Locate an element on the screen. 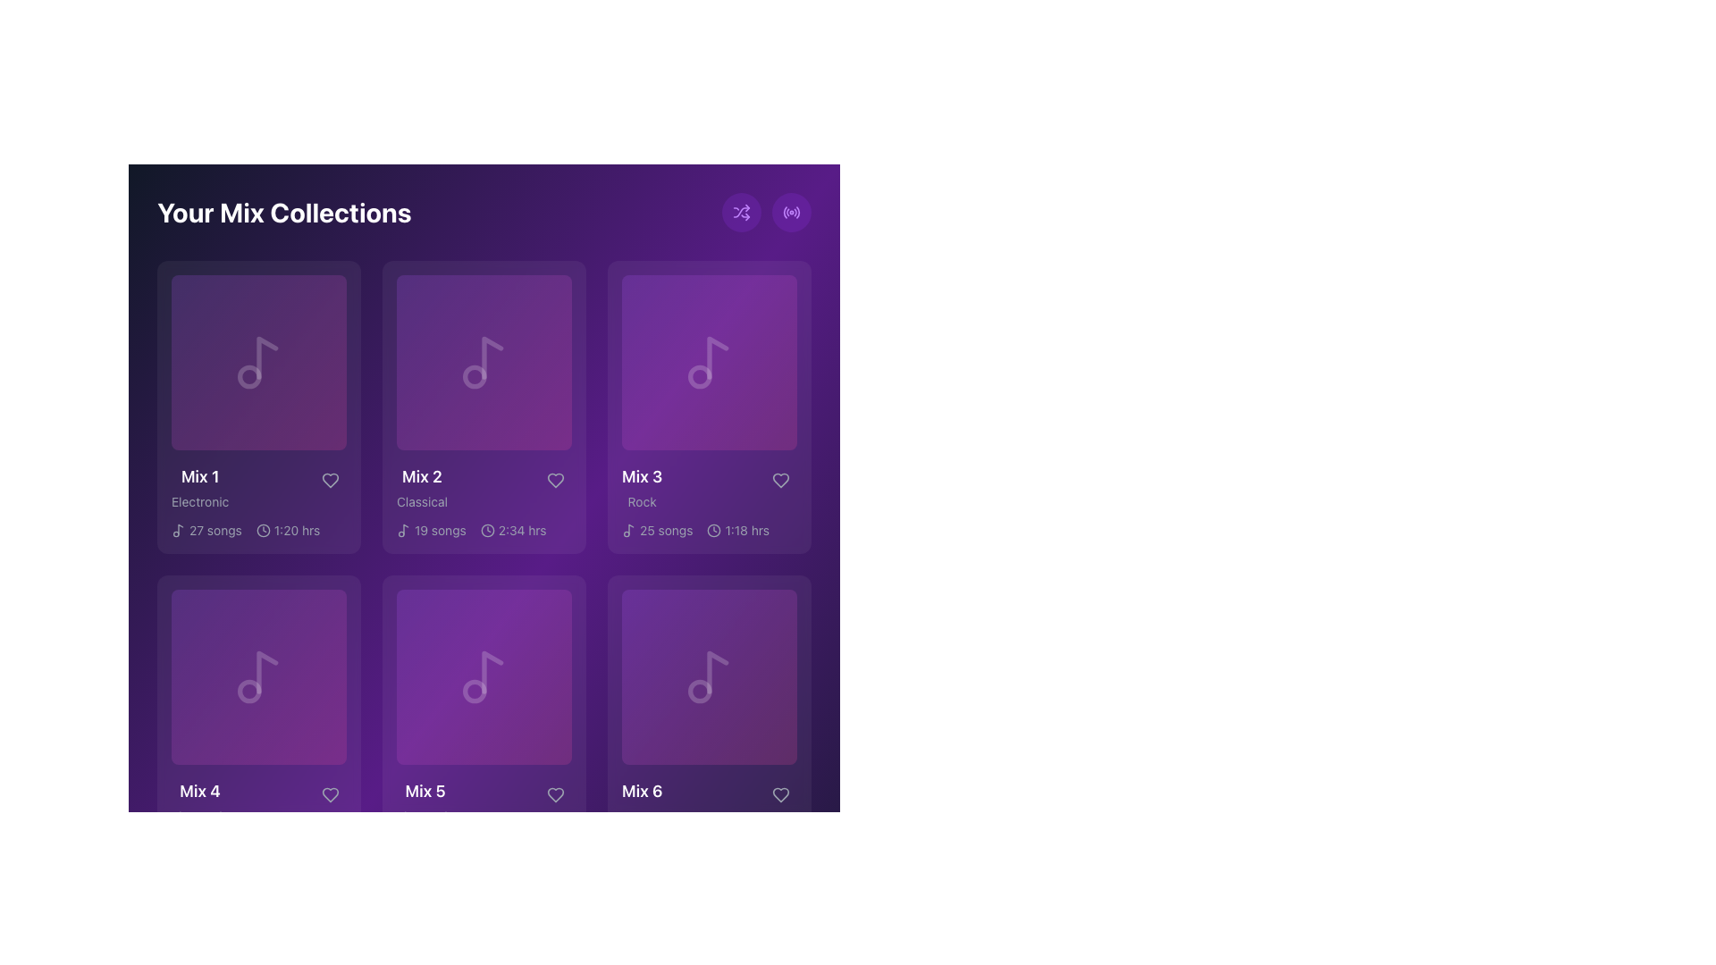 This screenshot has height=965, width=1716. text displayed in the Text Label that shows 'Mix 5' in bold white and 'Electronic' in smaller gray, located in the second row and second column of the 'Your Mix Collections' grid layout is located at coordinates (425, 801).